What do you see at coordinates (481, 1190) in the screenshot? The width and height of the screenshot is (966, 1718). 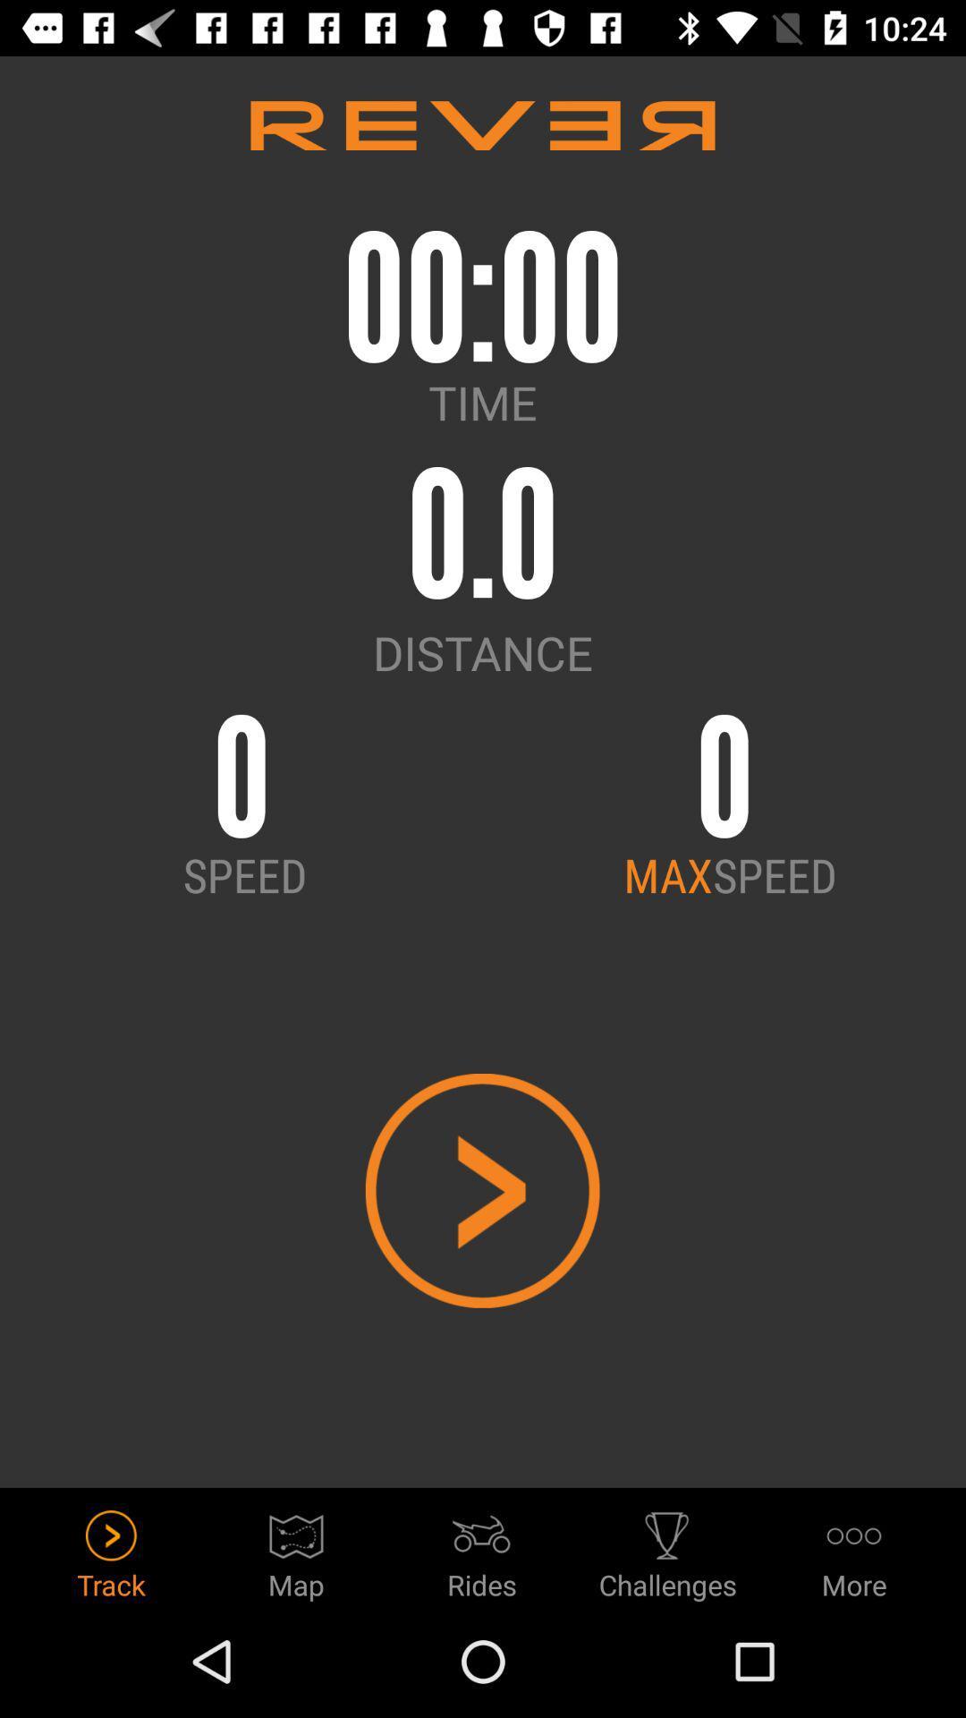 I see `play` at bounding box center [481, 1190].